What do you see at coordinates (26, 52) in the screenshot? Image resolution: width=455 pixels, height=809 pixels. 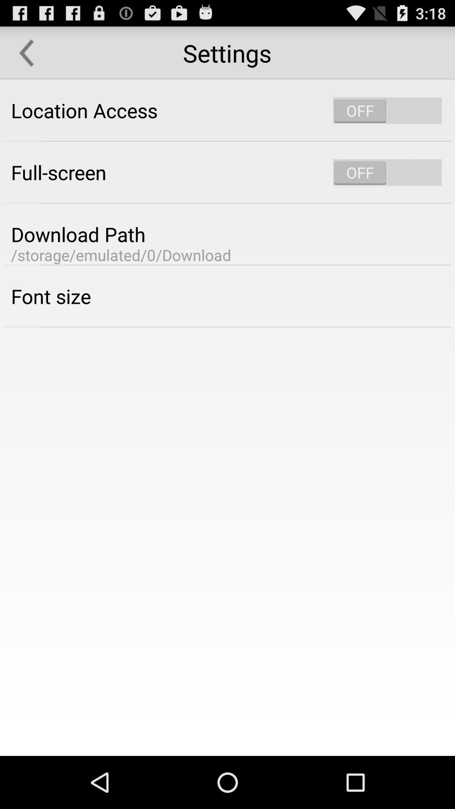 I see `the icon above location access app` at bounding box center [26, 52].